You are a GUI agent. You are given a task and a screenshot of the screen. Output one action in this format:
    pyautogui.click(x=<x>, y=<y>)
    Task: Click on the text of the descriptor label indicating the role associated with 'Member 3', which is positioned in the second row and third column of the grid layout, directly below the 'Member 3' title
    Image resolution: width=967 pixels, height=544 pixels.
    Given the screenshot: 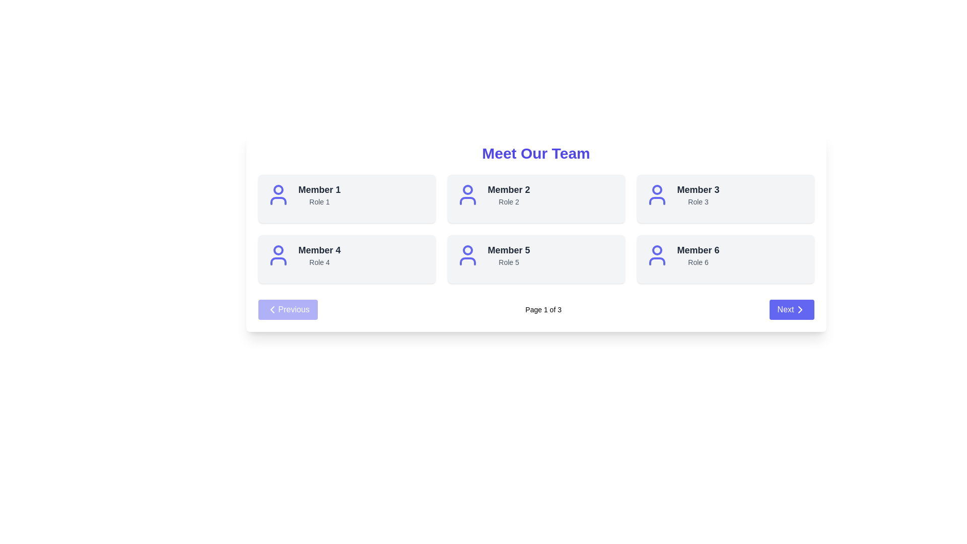 What is the action you would take?
    pyautogui.click(x=698, y=202)
    